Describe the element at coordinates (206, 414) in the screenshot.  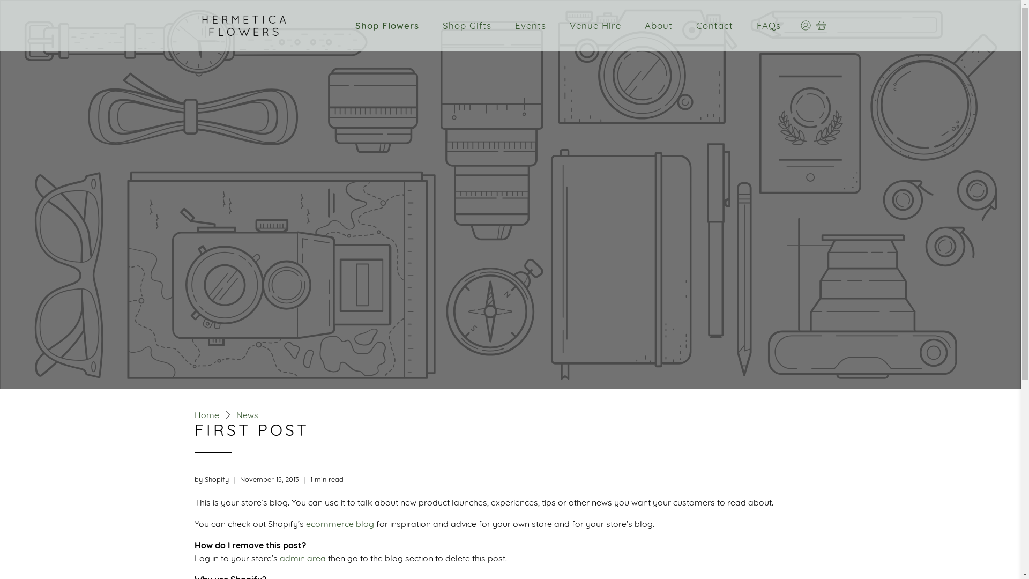
I see `'Home'` at that location.